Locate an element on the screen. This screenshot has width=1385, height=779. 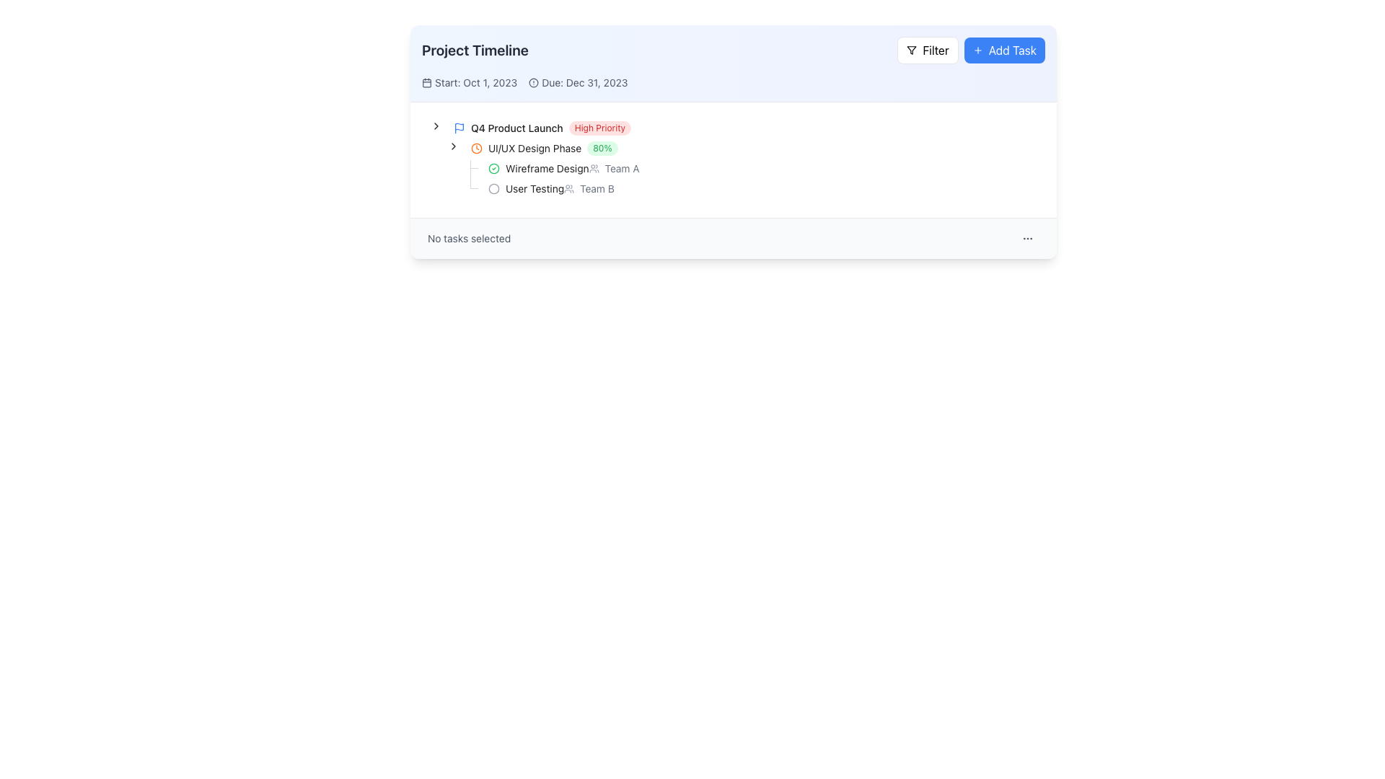
the alert icon located to the left of the text 'Due: Dec 31, 2023' in the header section of the Project Timeline interface is located at coordinates (533, 83).